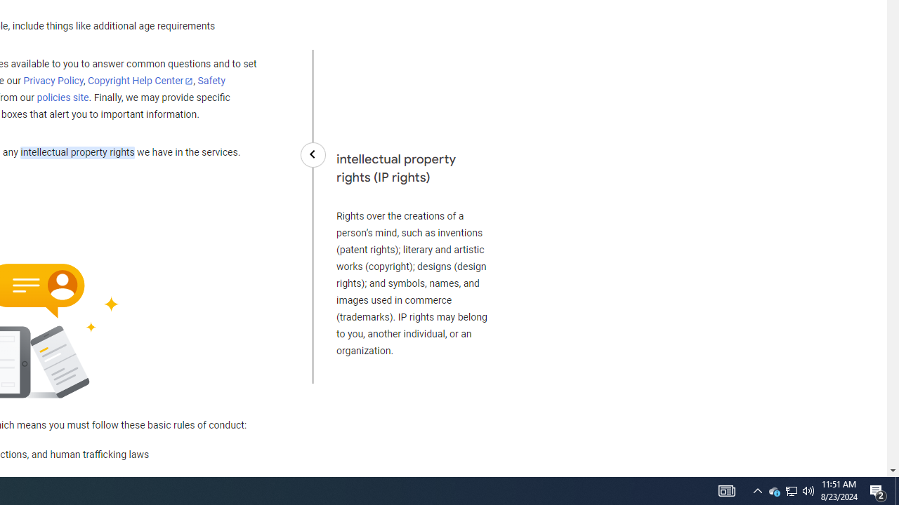 The height and width of the screenshot is (505, 899). What do you see at coordinates (140, 81) in the screenshot?
I see `'Copyright Help Center'` at bounding box center [140, 81].